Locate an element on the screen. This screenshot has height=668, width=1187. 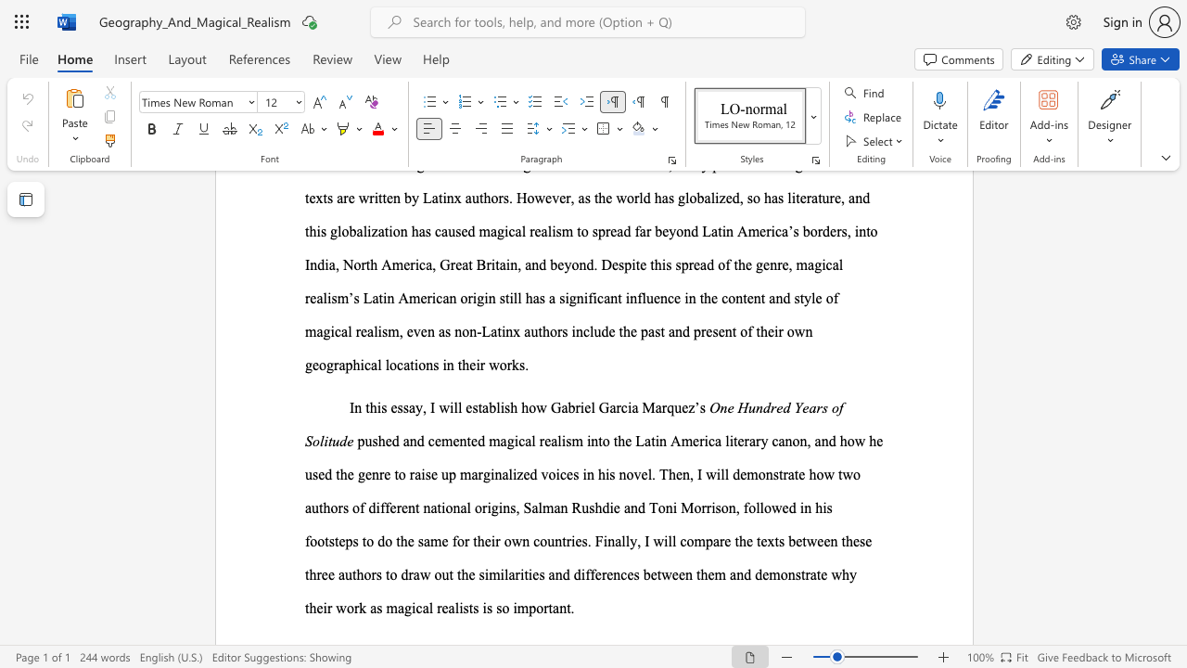
the subset text "te" within the text "demonstrate" is located at coordinates (794, 473).